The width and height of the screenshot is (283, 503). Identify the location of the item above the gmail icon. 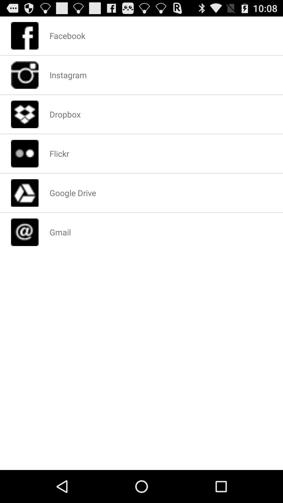
(73, 193).